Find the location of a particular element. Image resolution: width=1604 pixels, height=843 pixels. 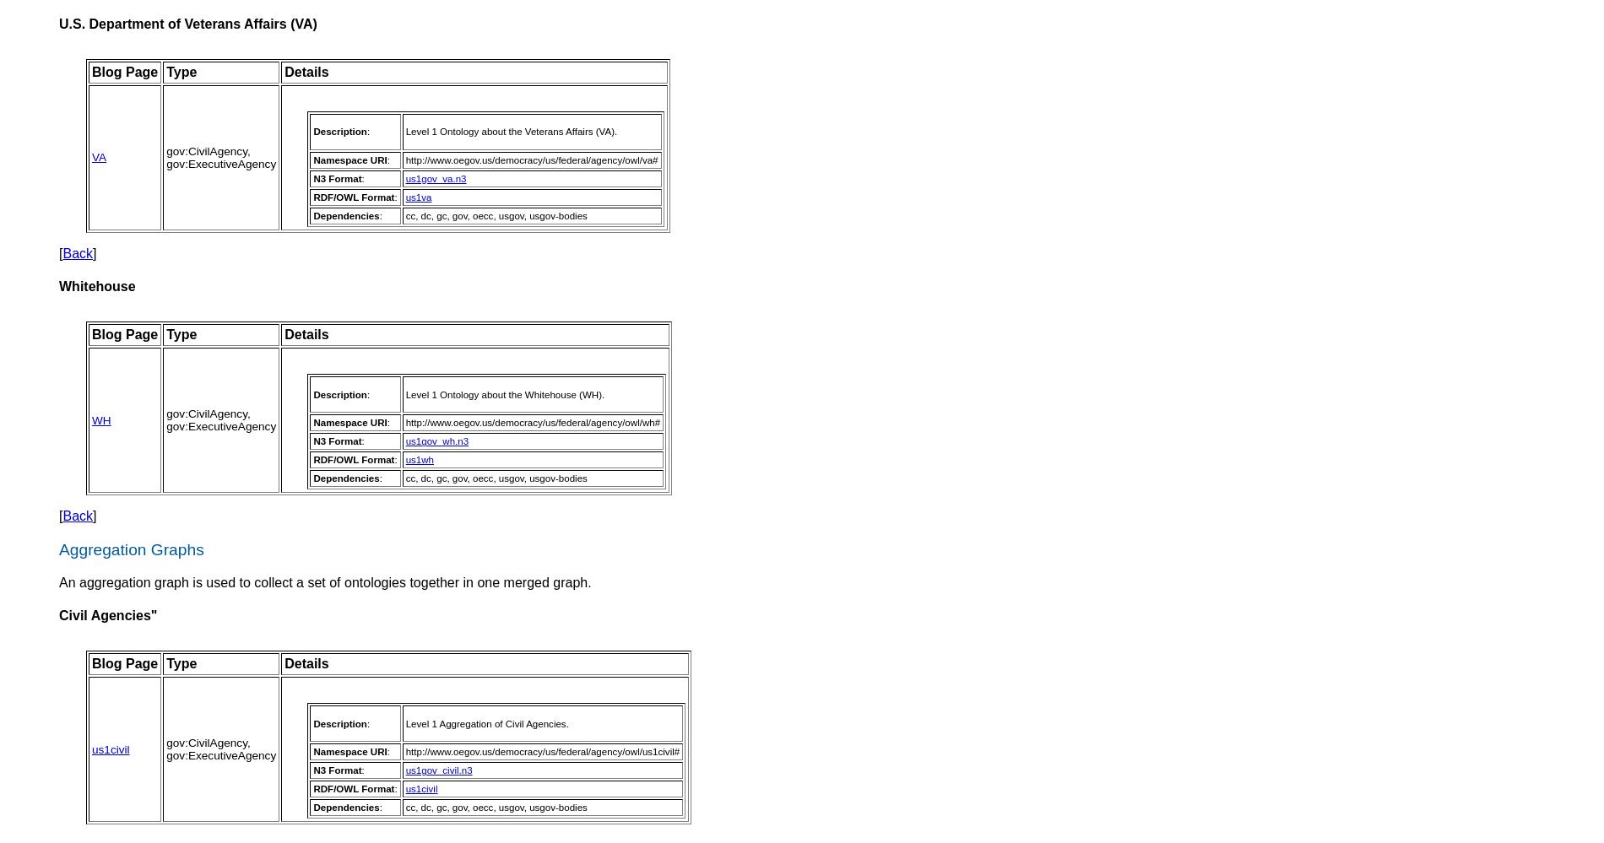

'http://www.oegov.us/democracy/us/federal/agency/owl/us1civil#' is located at coordinates (542, 752).